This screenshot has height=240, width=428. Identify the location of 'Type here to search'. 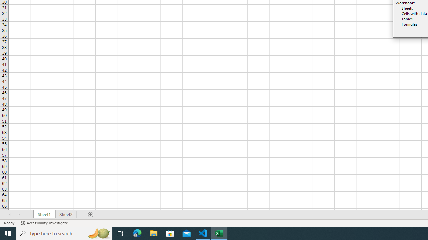
(64, 233).